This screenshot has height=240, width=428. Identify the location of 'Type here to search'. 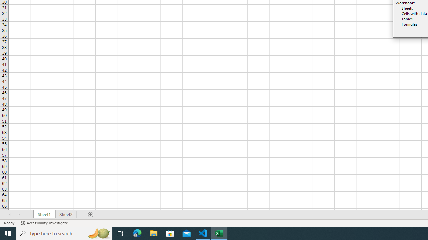
(64, 233).